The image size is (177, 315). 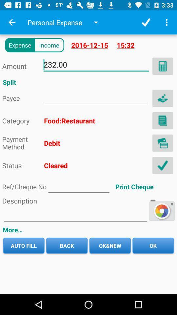 What do you see at coordinates (167, 22) in the screenshot?
I see `tout pega` at bounding box center [167, 22].